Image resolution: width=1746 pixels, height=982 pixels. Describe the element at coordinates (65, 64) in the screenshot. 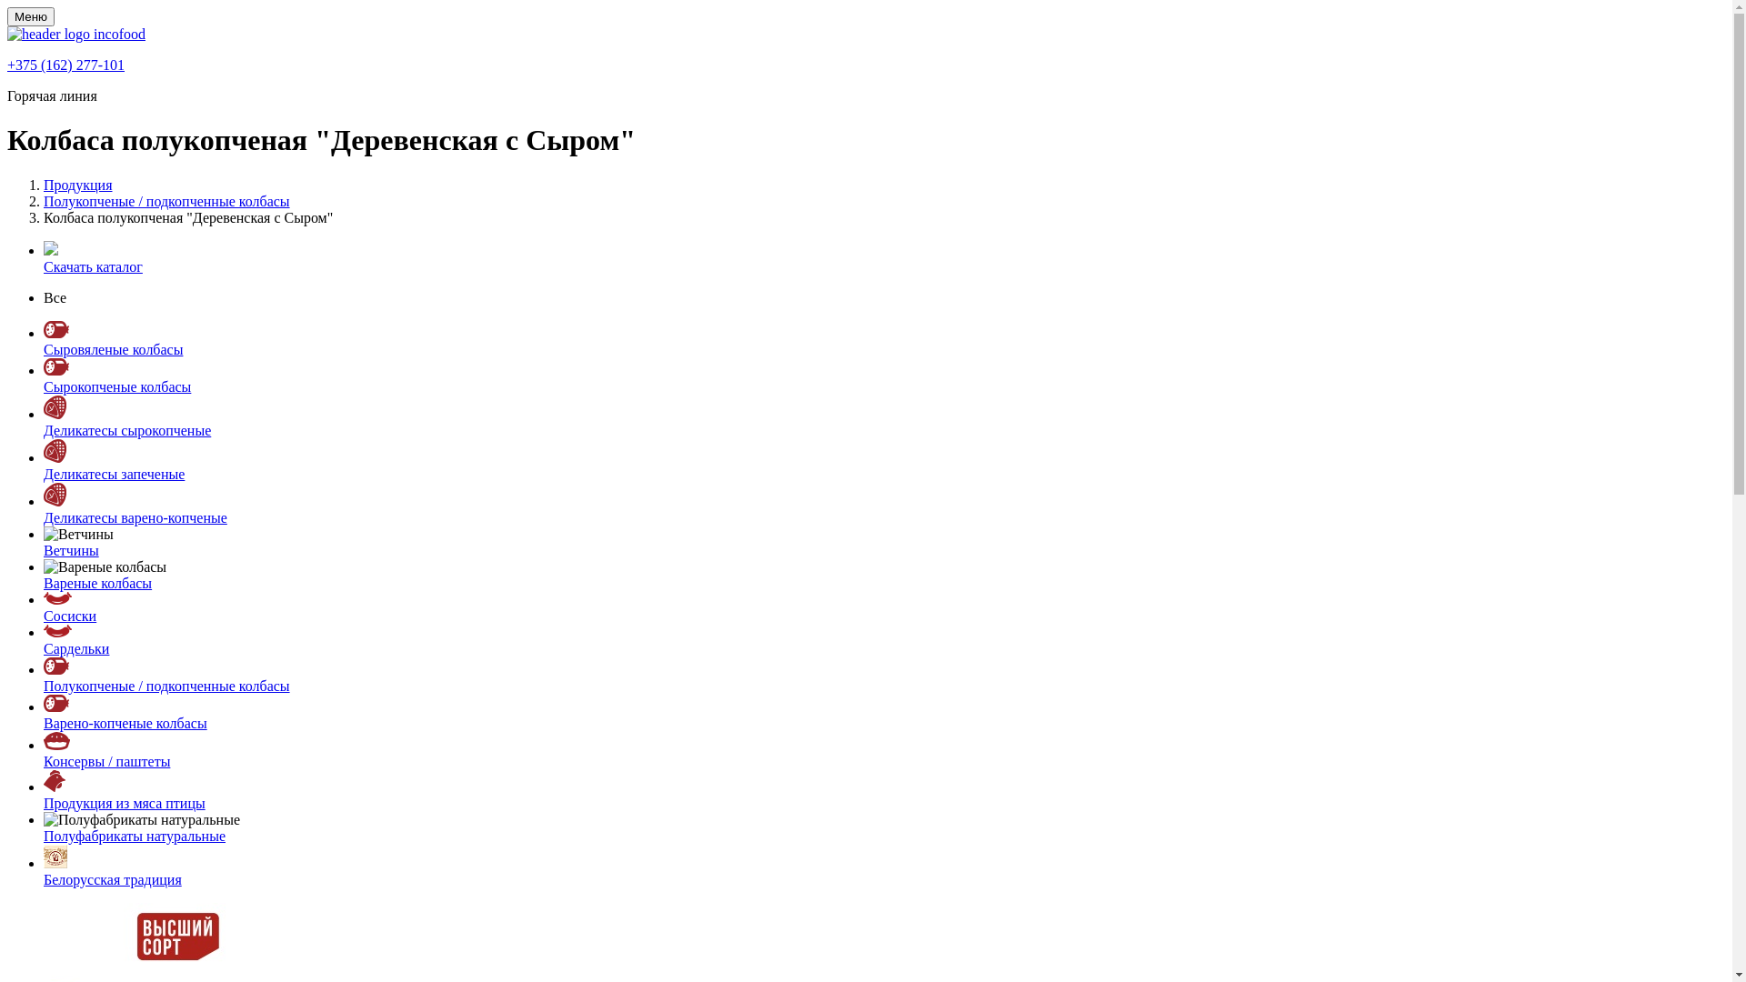

I see `'+375 (162) 277-101'` at that location.